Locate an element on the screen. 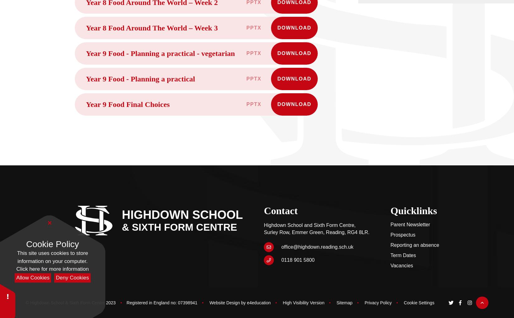 The width and height of the screenshot is (514, 318). 'Year 9 Food - Planning a practical' is located at coordinates (140, 78).